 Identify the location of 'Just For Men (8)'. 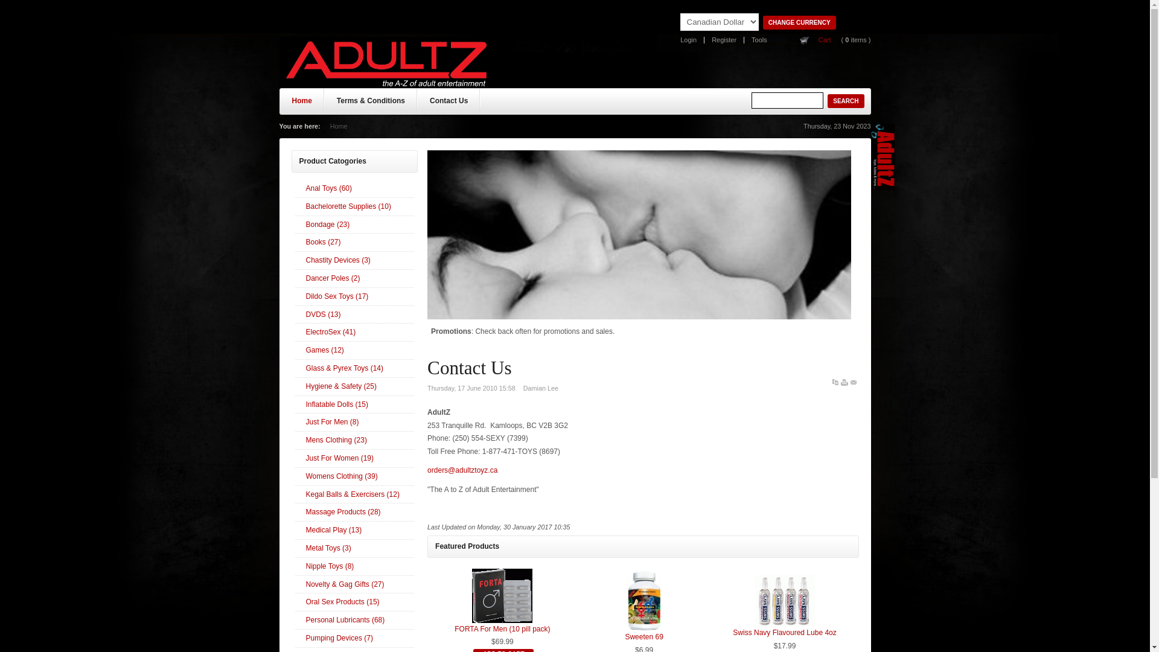
(353, 421).